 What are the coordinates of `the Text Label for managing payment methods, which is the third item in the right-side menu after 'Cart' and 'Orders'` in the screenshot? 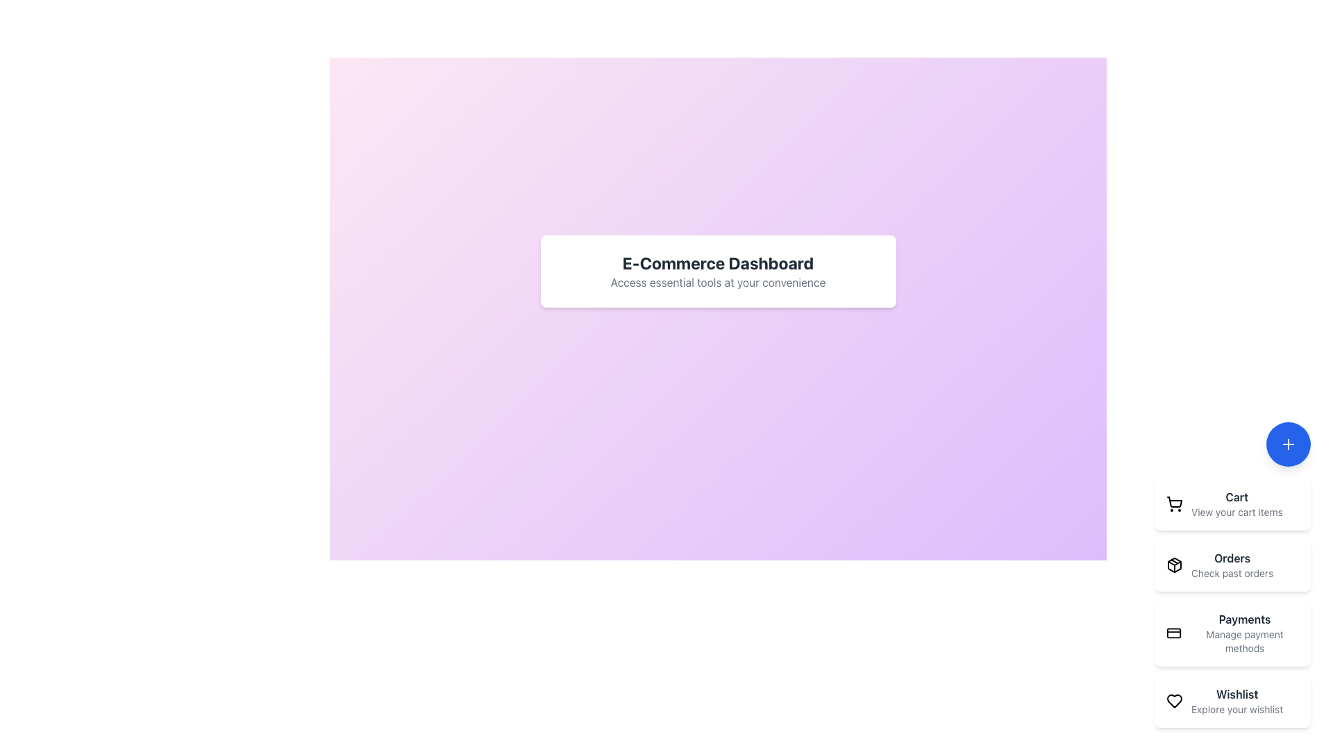 It's located at (1245, 633).